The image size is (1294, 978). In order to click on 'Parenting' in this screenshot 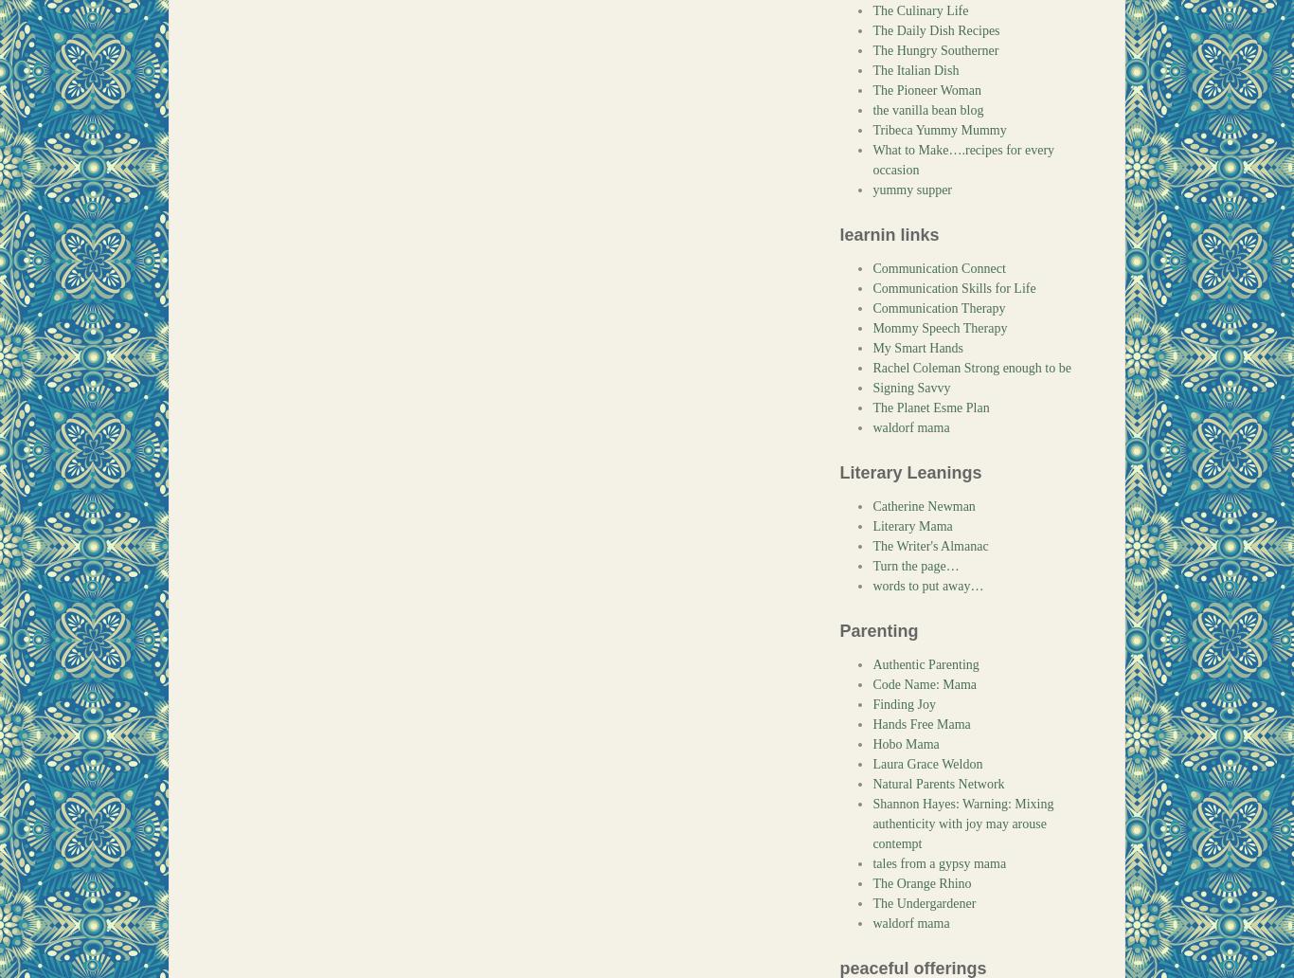, I will do `click(878, 629)`.